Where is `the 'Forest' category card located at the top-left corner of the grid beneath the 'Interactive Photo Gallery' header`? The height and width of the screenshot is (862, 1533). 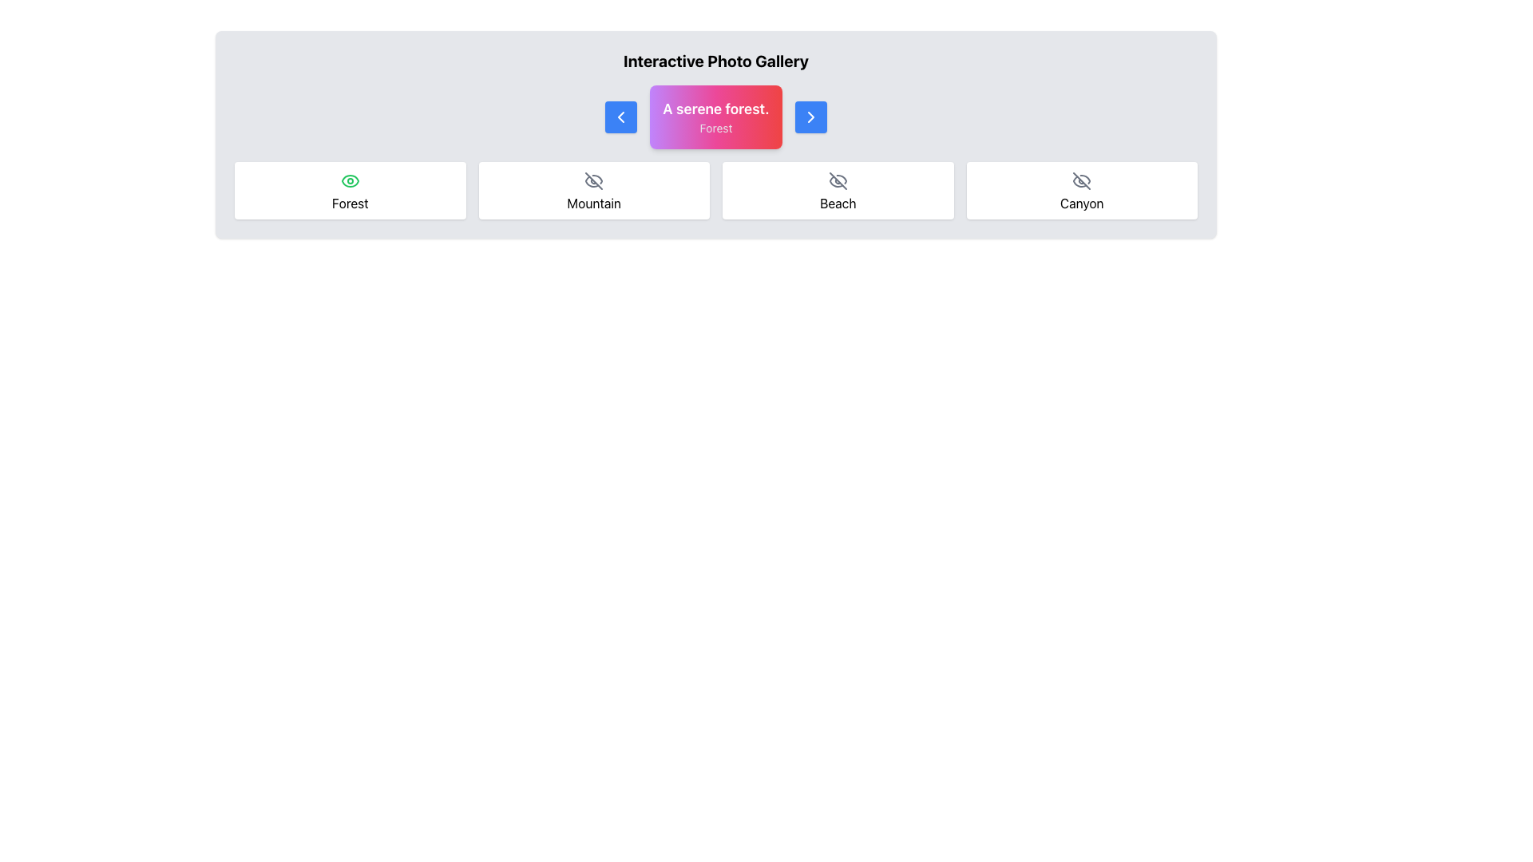 the 'Forest' category card located at the top-left corner of the grid beneath the 'Interactive Photo Gallery' header is located at coordinates (349, 190).